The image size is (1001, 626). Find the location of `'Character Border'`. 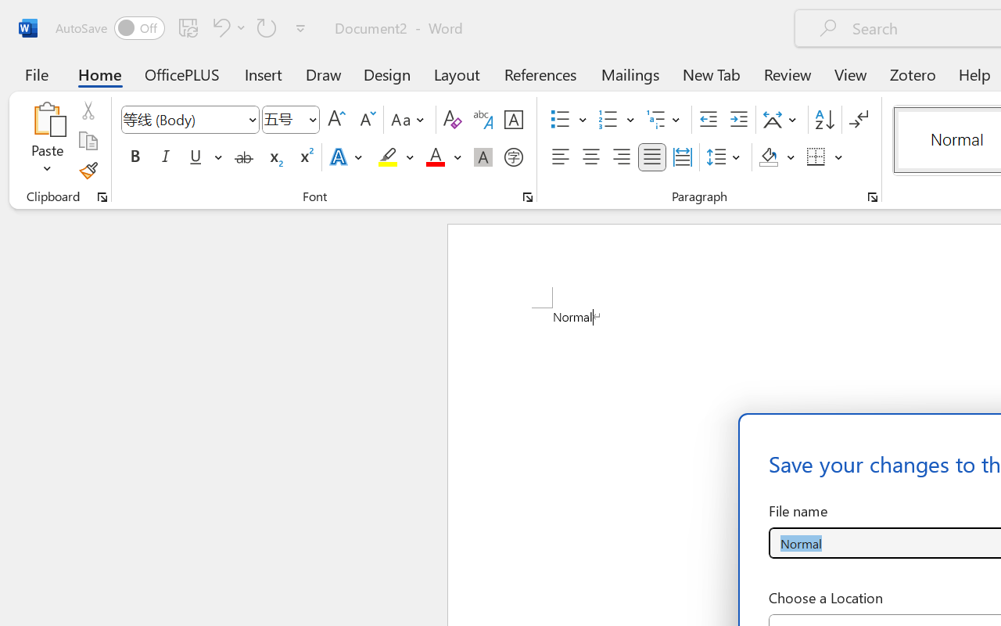

'Character Border' is located at coordinates (513, 120).